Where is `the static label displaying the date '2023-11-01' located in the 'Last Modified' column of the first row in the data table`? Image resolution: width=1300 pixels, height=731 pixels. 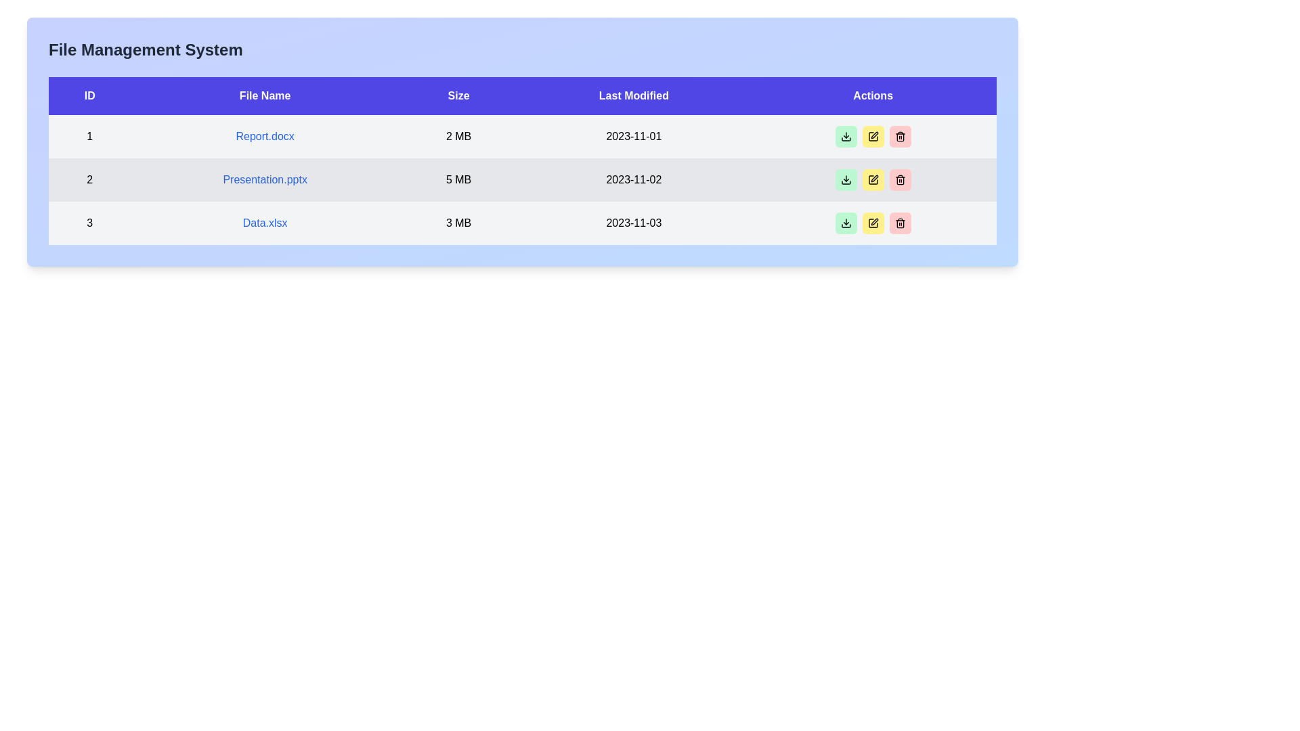
the static label displaying the date '2023-11-01' located in the 'Last Modified' column of the first row in the data table is located at coordinates (633, 136).